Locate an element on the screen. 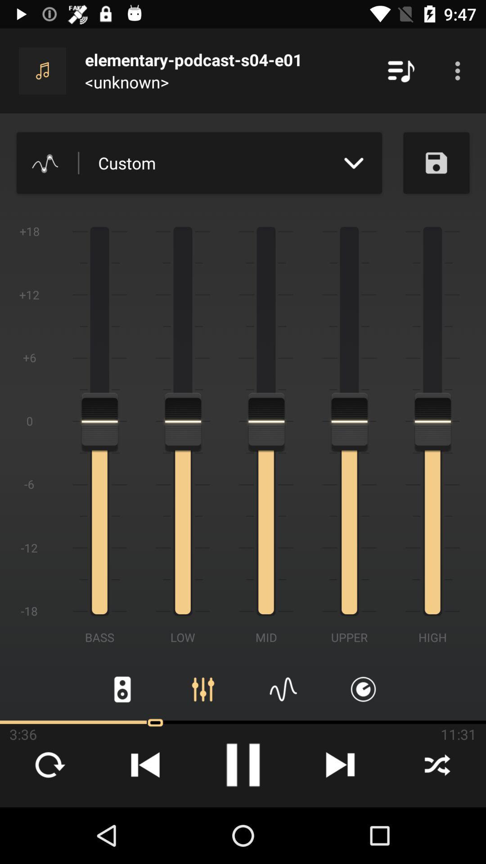 The width and height of the screenshot is (486, 864). the refresh icon is located at coordinates (49, 764).